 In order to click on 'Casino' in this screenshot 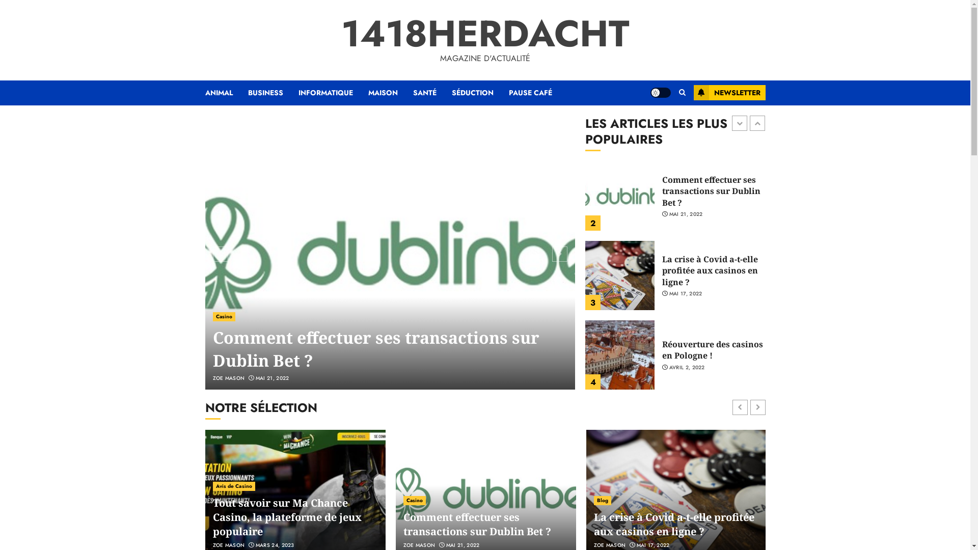, I will do `click(415, 500)`.